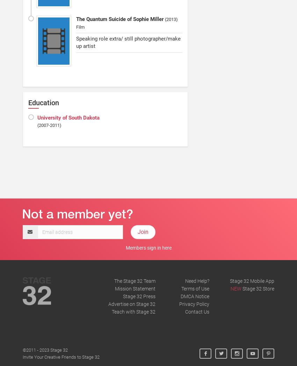 This screenshot has height=366, width=297. I want to click on 'Contact Us', so click(197, 311).